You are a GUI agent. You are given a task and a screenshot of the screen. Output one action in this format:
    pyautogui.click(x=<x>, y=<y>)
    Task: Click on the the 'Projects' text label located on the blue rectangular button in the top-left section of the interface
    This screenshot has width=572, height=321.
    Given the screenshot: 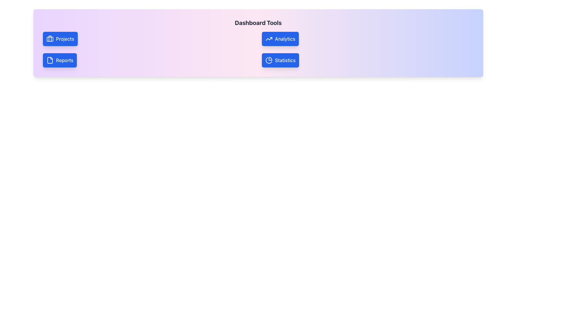 What is the action you would take?
    pyautogui.click(x=65, y=39)
    